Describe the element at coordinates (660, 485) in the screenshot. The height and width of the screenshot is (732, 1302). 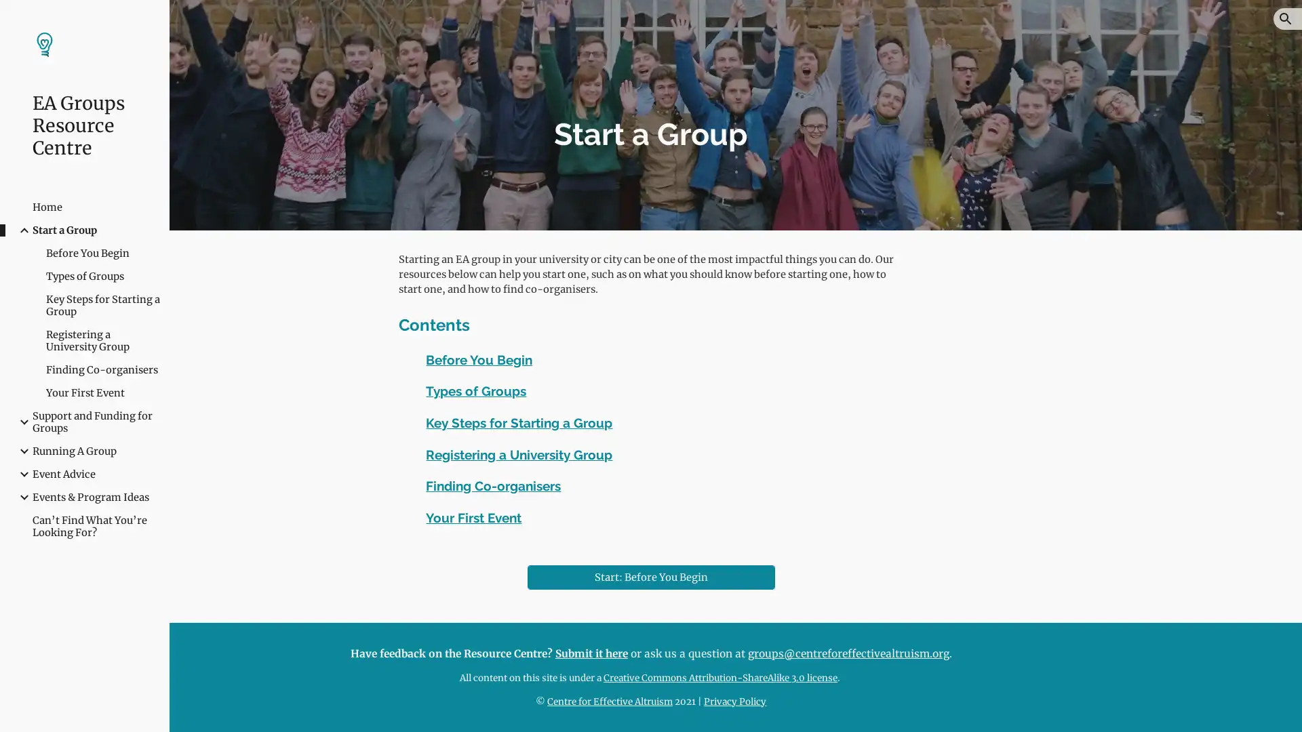
I see `Copy heading link` at that location.